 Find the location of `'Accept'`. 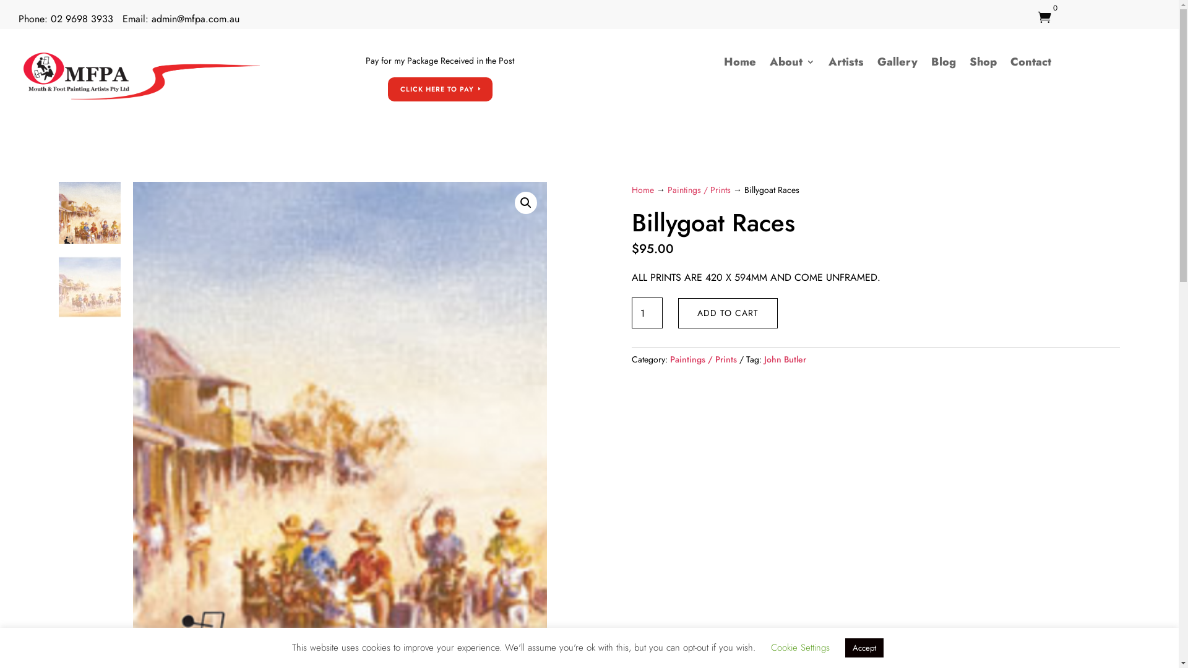

'Accept' is located at coordinates (845, 647).